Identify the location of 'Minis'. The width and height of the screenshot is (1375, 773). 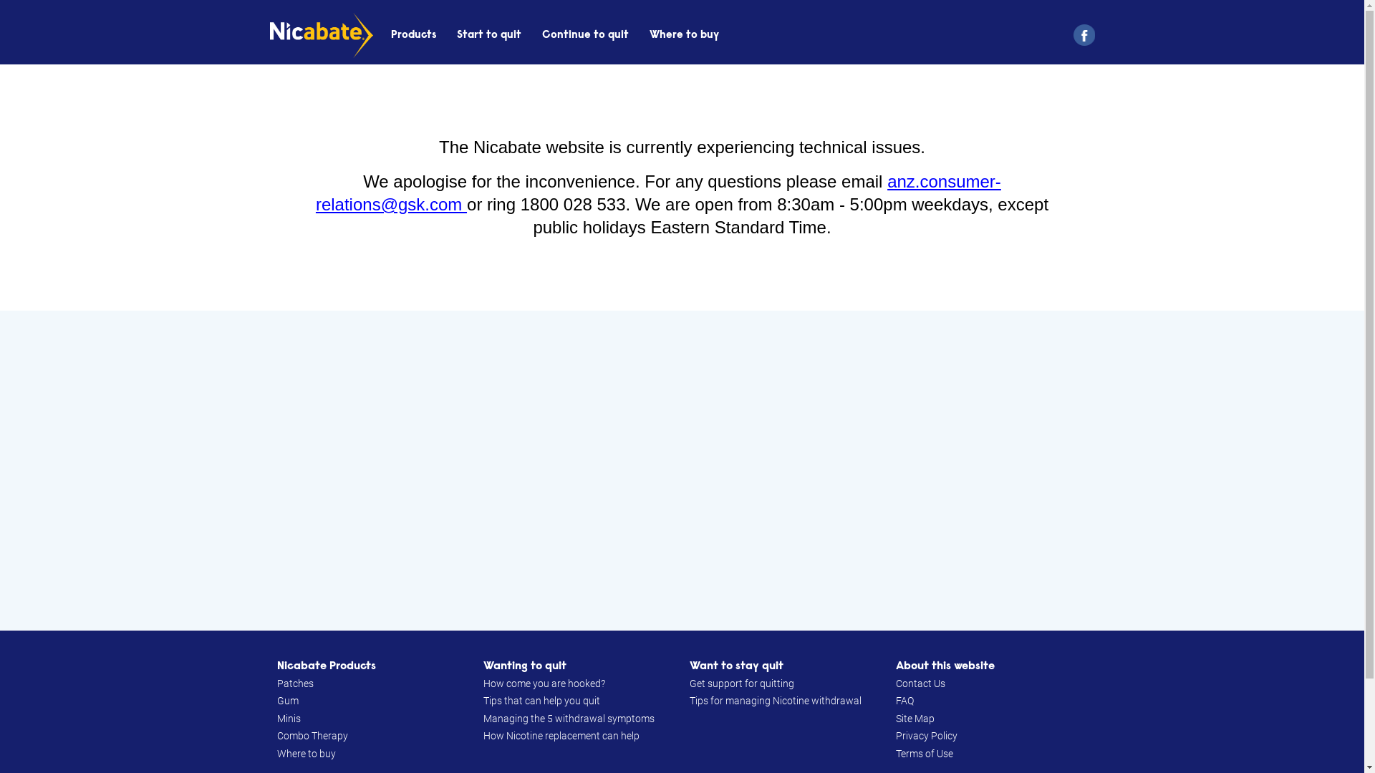
(287, 719).